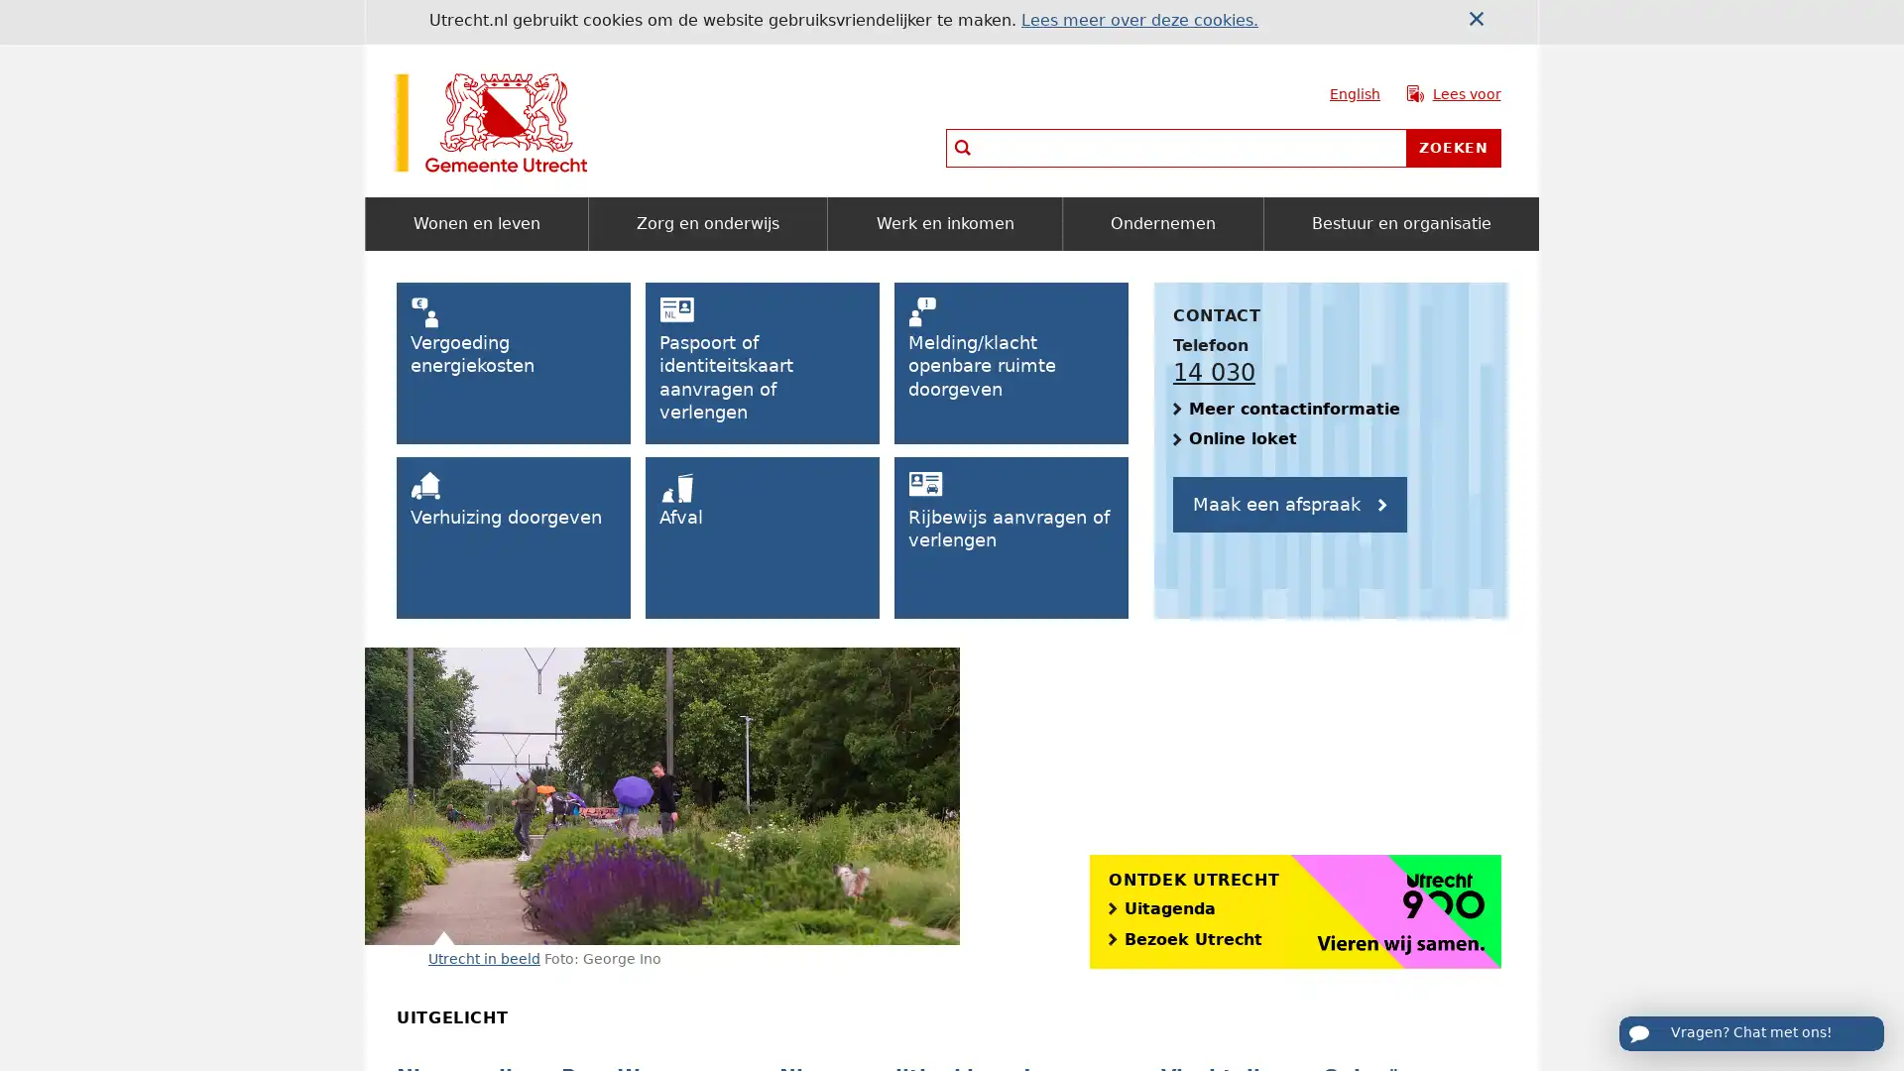  I want to click on Lees voor, so click(1453, 94).